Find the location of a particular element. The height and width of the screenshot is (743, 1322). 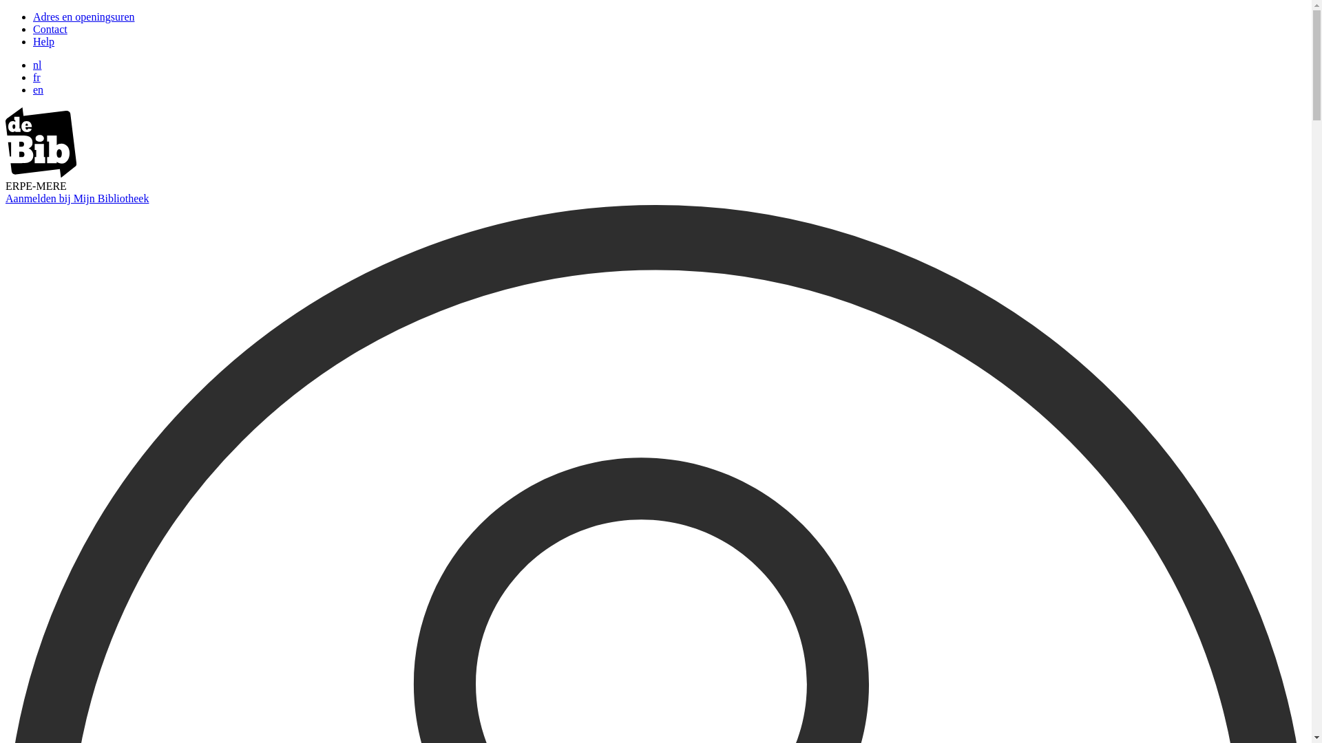

'image/svg+xml' is located at coordinates (6, 173).